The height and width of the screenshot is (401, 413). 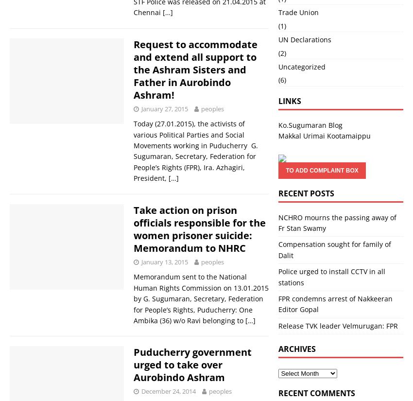 What do you see at coordinates (278, 100) in the screenshot?
I see `'Links'` at bounding box center [278, 100].